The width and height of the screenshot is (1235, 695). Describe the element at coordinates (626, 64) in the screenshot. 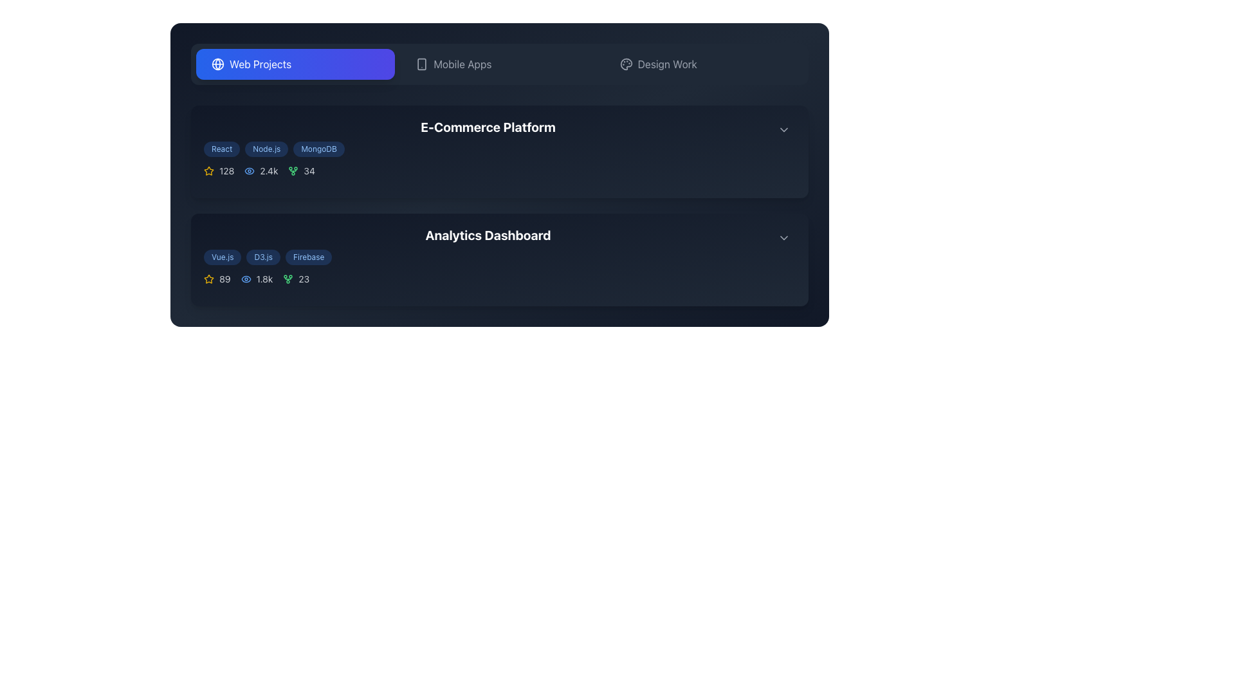

I see `the circular icon with a palette symbol located in the top-right corner of the interface` at that location.